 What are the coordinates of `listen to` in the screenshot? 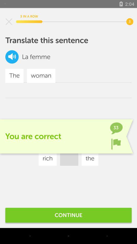 It's located at (12, 57).